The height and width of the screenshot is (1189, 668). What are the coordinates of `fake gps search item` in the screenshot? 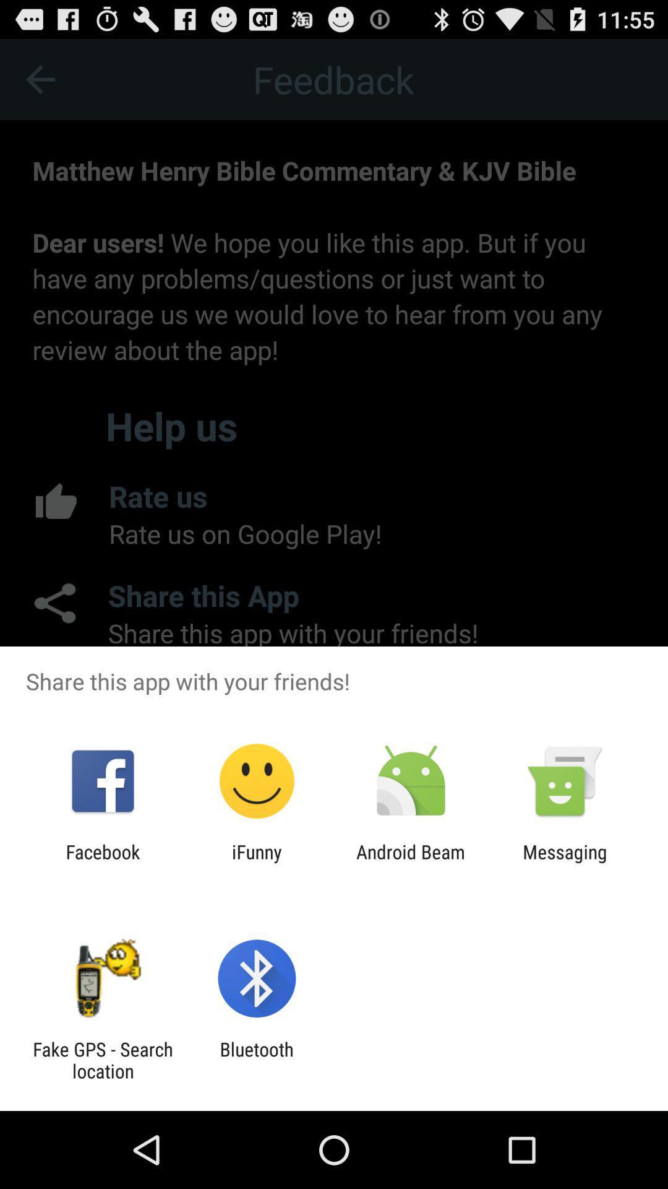 It's located at (102, 1060).